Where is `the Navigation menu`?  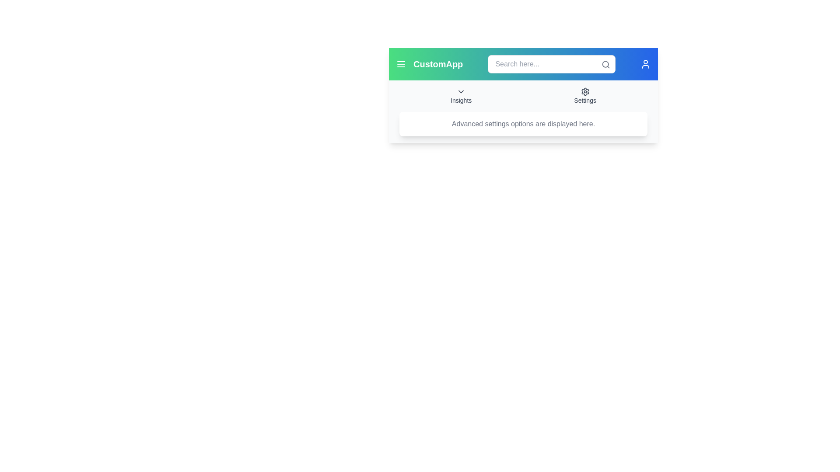
the Navigation menu is located at coordinates (523, 96).